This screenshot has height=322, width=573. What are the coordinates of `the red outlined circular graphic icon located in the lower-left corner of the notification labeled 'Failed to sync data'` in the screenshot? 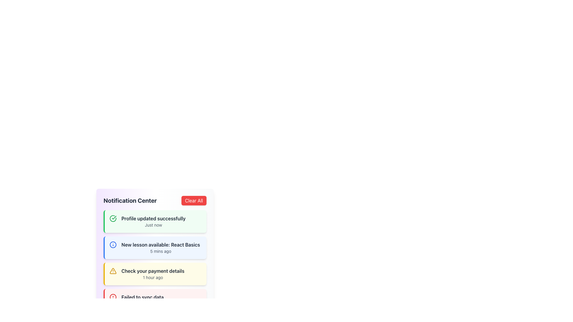 It's located at (113, 297).